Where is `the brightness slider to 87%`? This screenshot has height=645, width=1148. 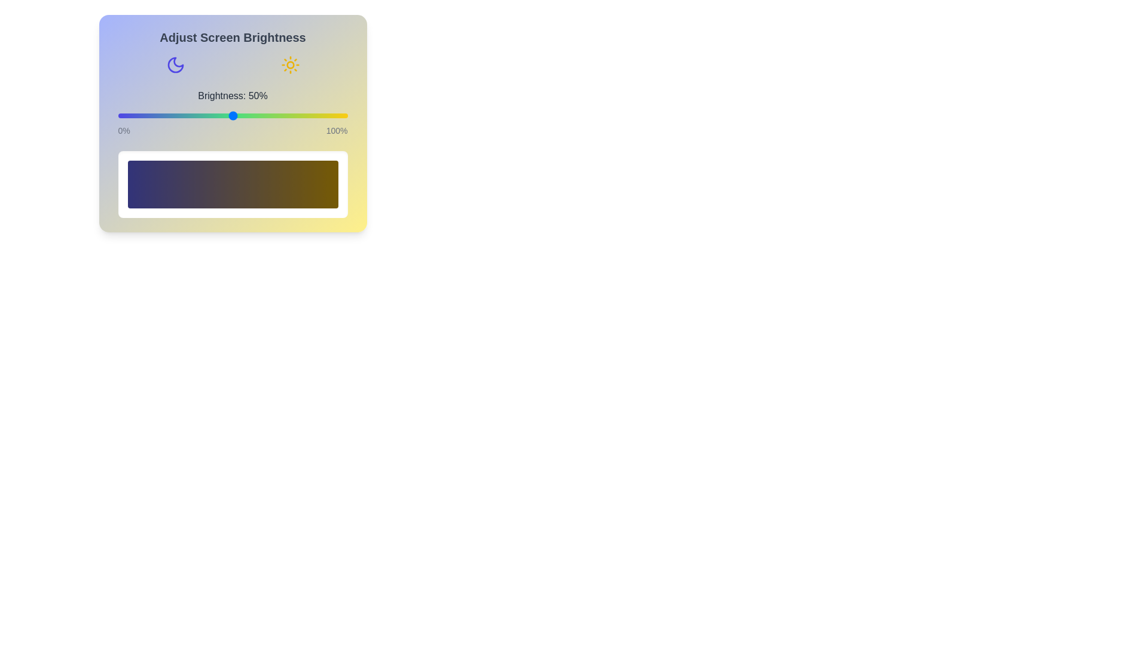
the brightness slider to 87% is located at coordinates (317, 115).